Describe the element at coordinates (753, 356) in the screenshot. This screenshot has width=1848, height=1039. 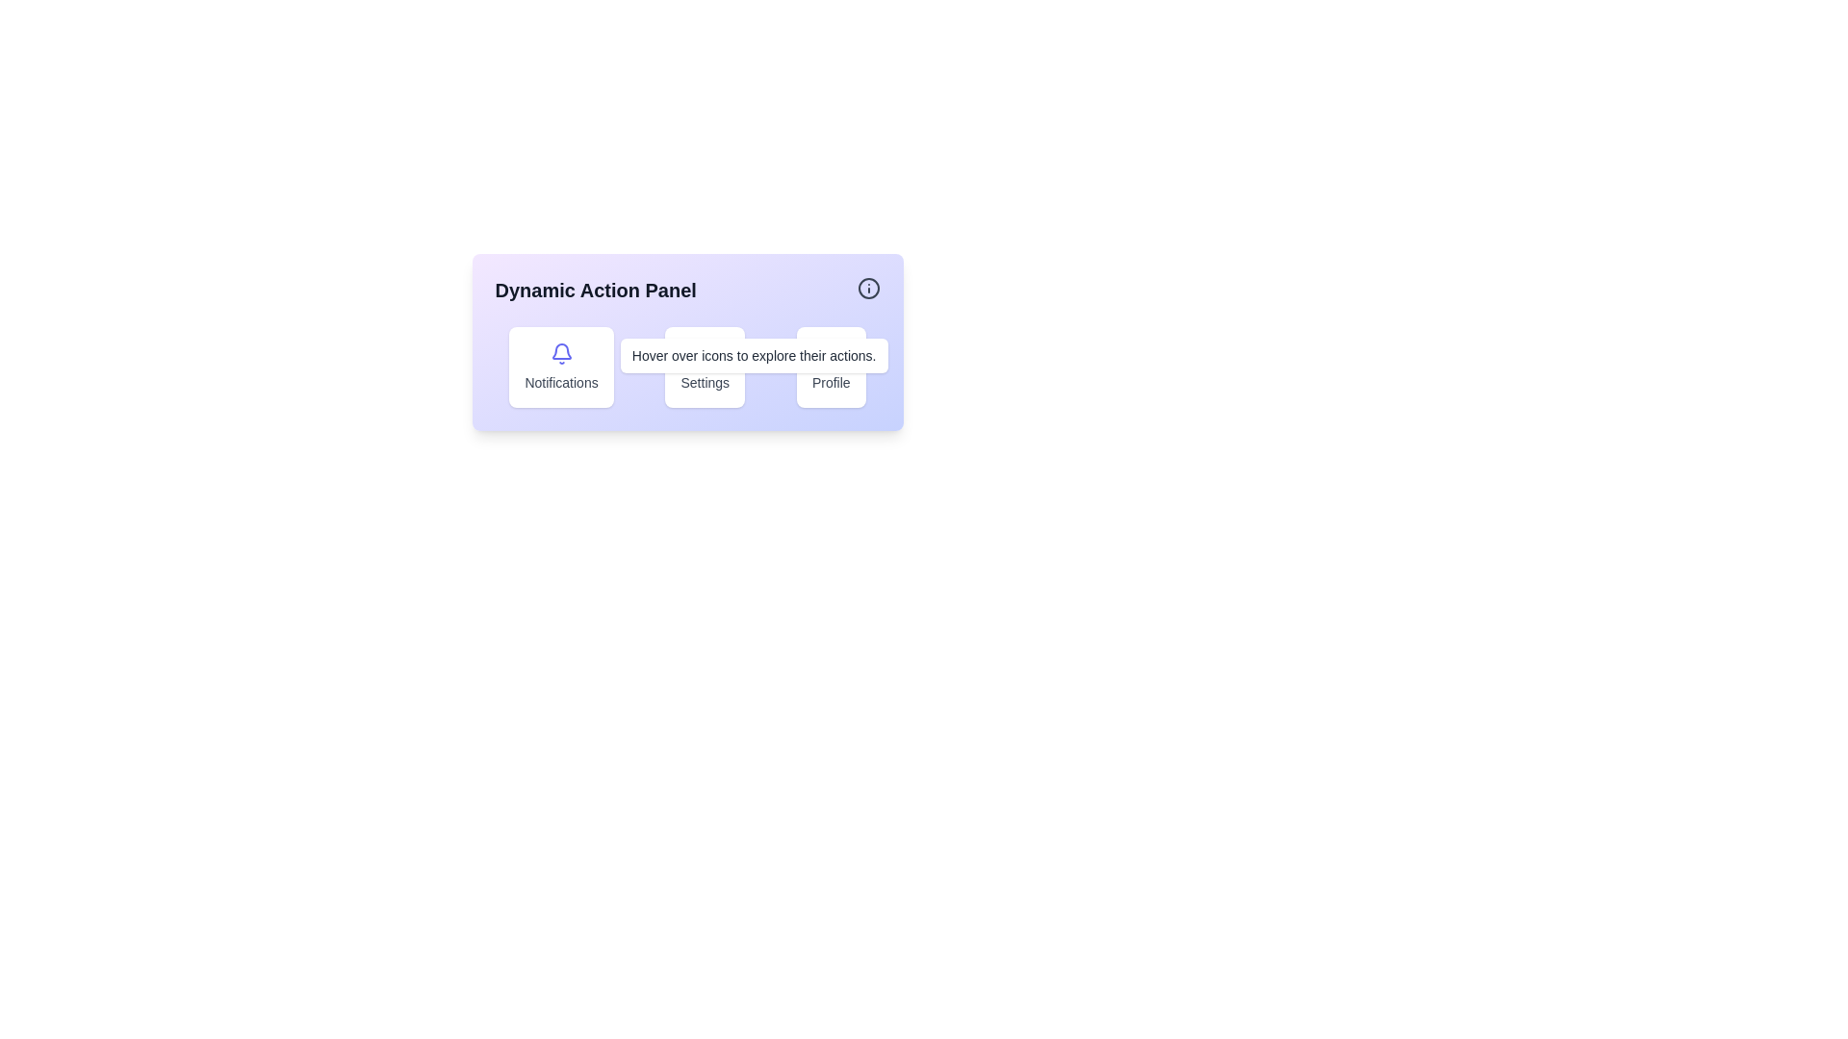
I see `instructional text box located in the middle-right area of the 'Dynamic Action Panel', positioned above the 'Settings' icon` at that location.